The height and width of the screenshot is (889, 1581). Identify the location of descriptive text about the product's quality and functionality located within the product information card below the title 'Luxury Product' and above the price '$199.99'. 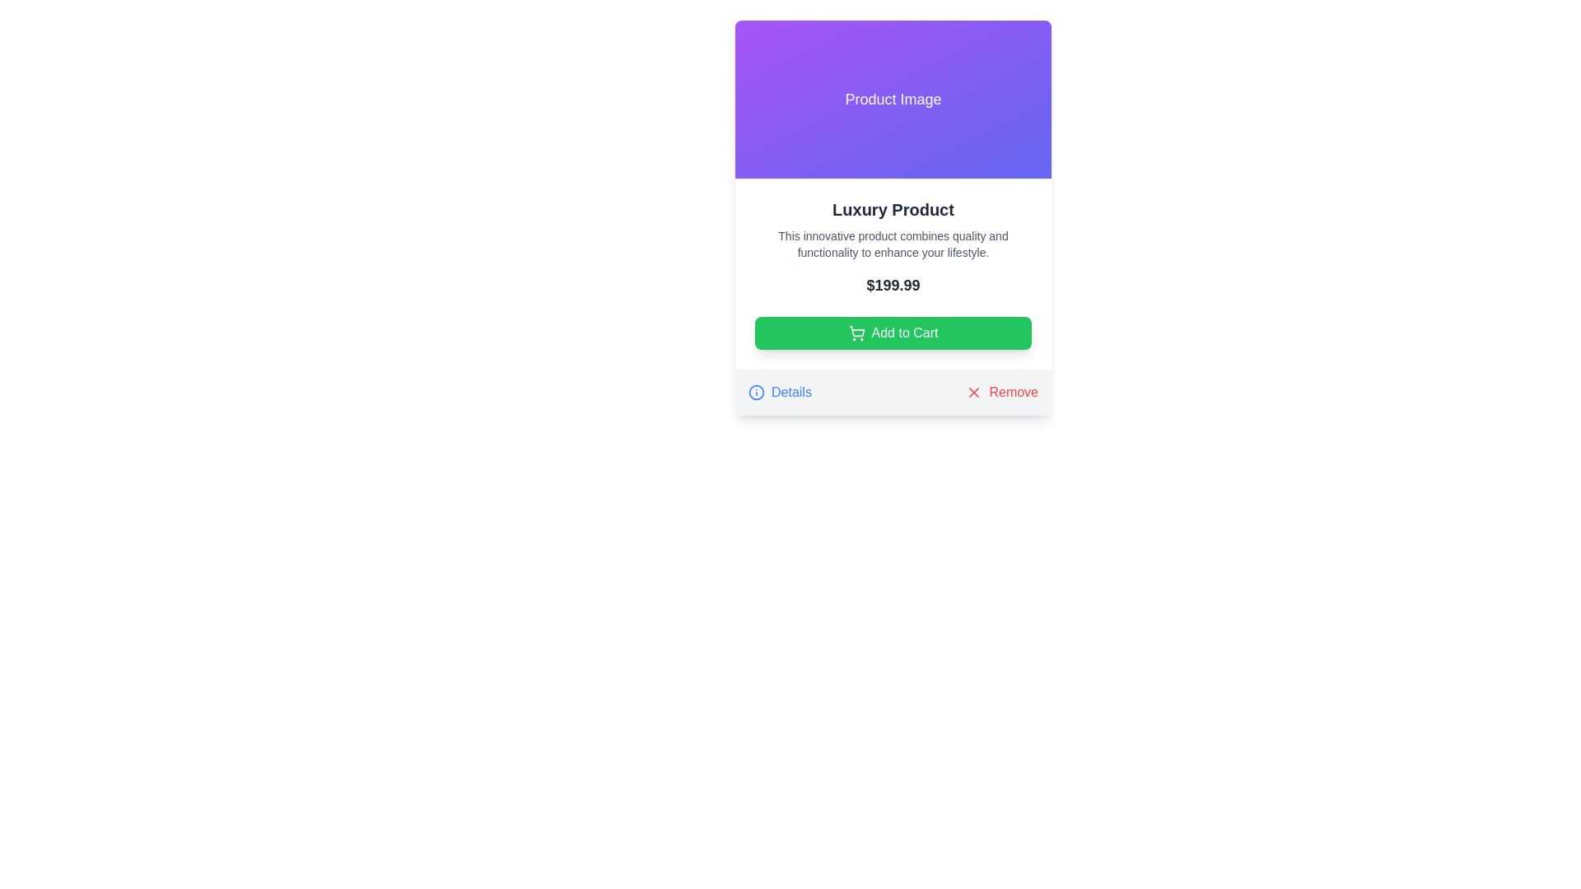
(892, 244).